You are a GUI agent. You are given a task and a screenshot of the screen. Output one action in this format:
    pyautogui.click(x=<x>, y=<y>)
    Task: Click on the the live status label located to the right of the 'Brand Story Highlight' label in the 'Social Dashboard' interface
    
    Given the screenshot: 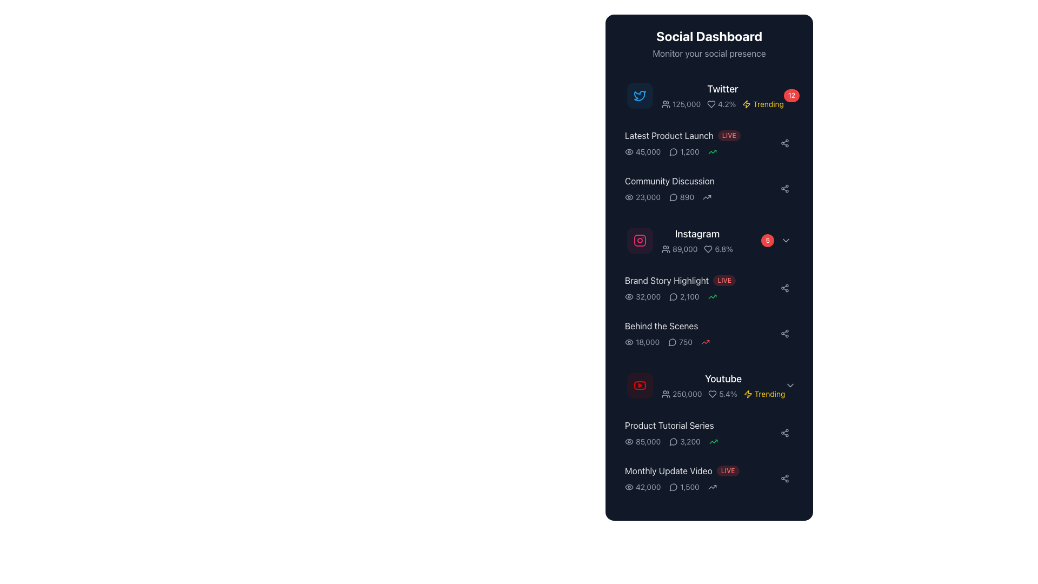 What is the action you would take?
    pyautogui.click(x=724, y=280)
    